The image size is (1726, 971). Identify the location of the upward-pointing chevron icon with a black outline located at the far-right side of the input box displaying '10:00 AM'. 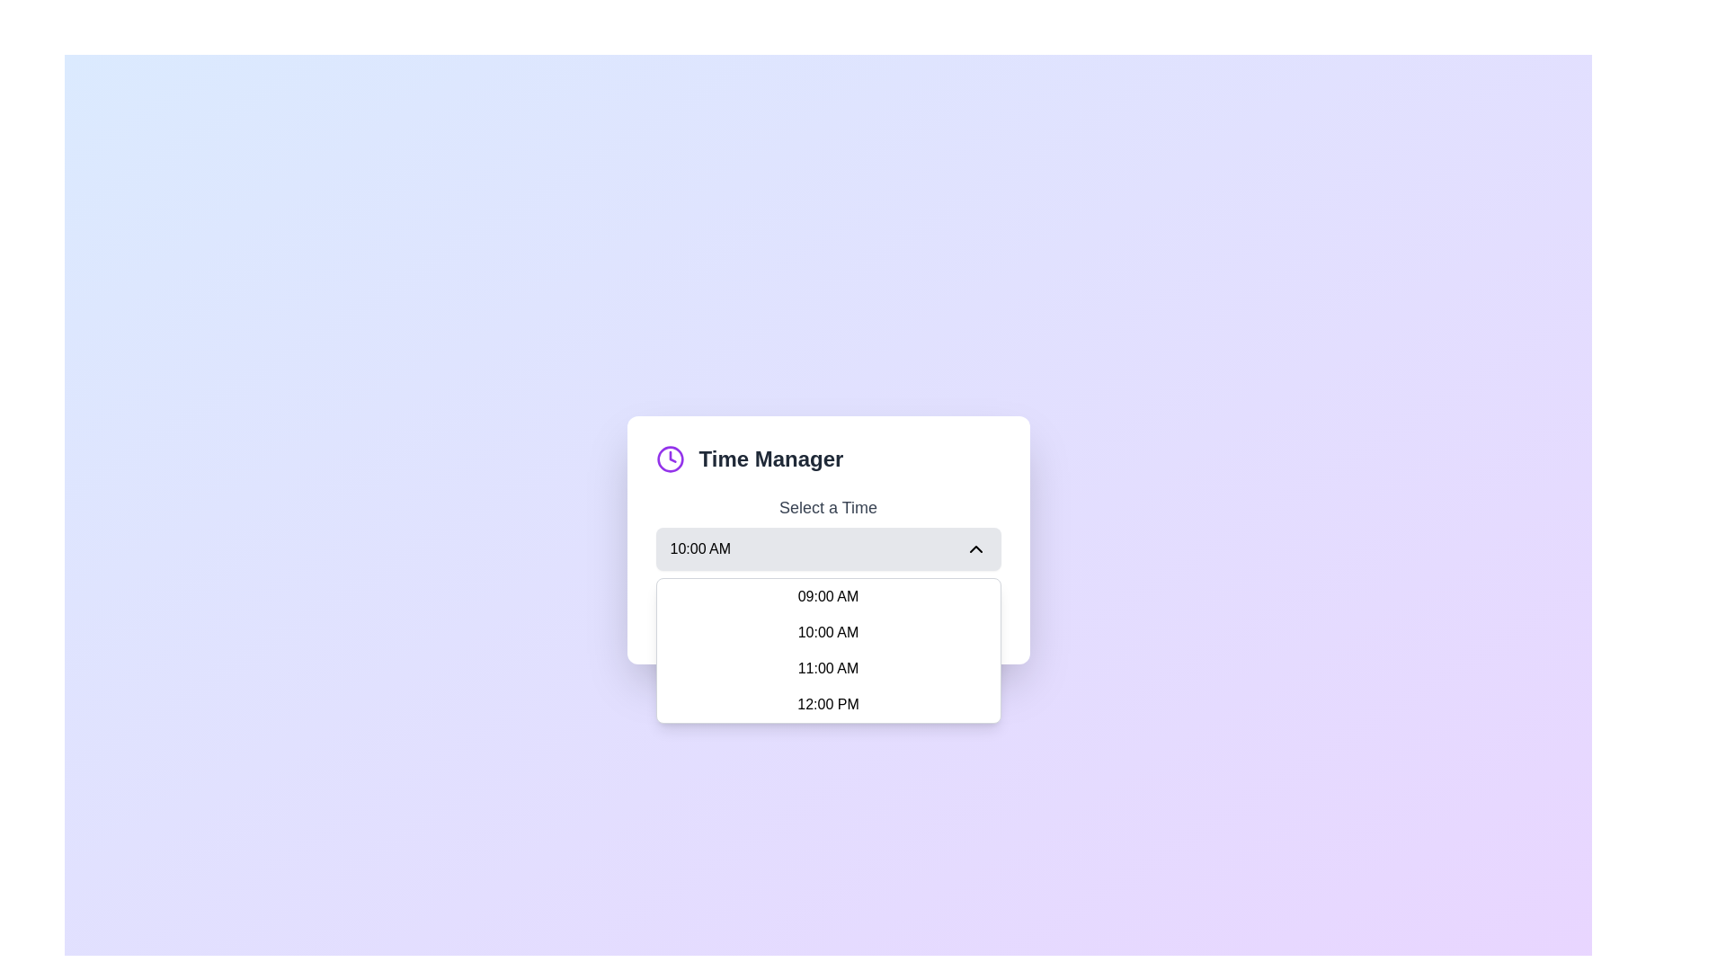
(974, 548).